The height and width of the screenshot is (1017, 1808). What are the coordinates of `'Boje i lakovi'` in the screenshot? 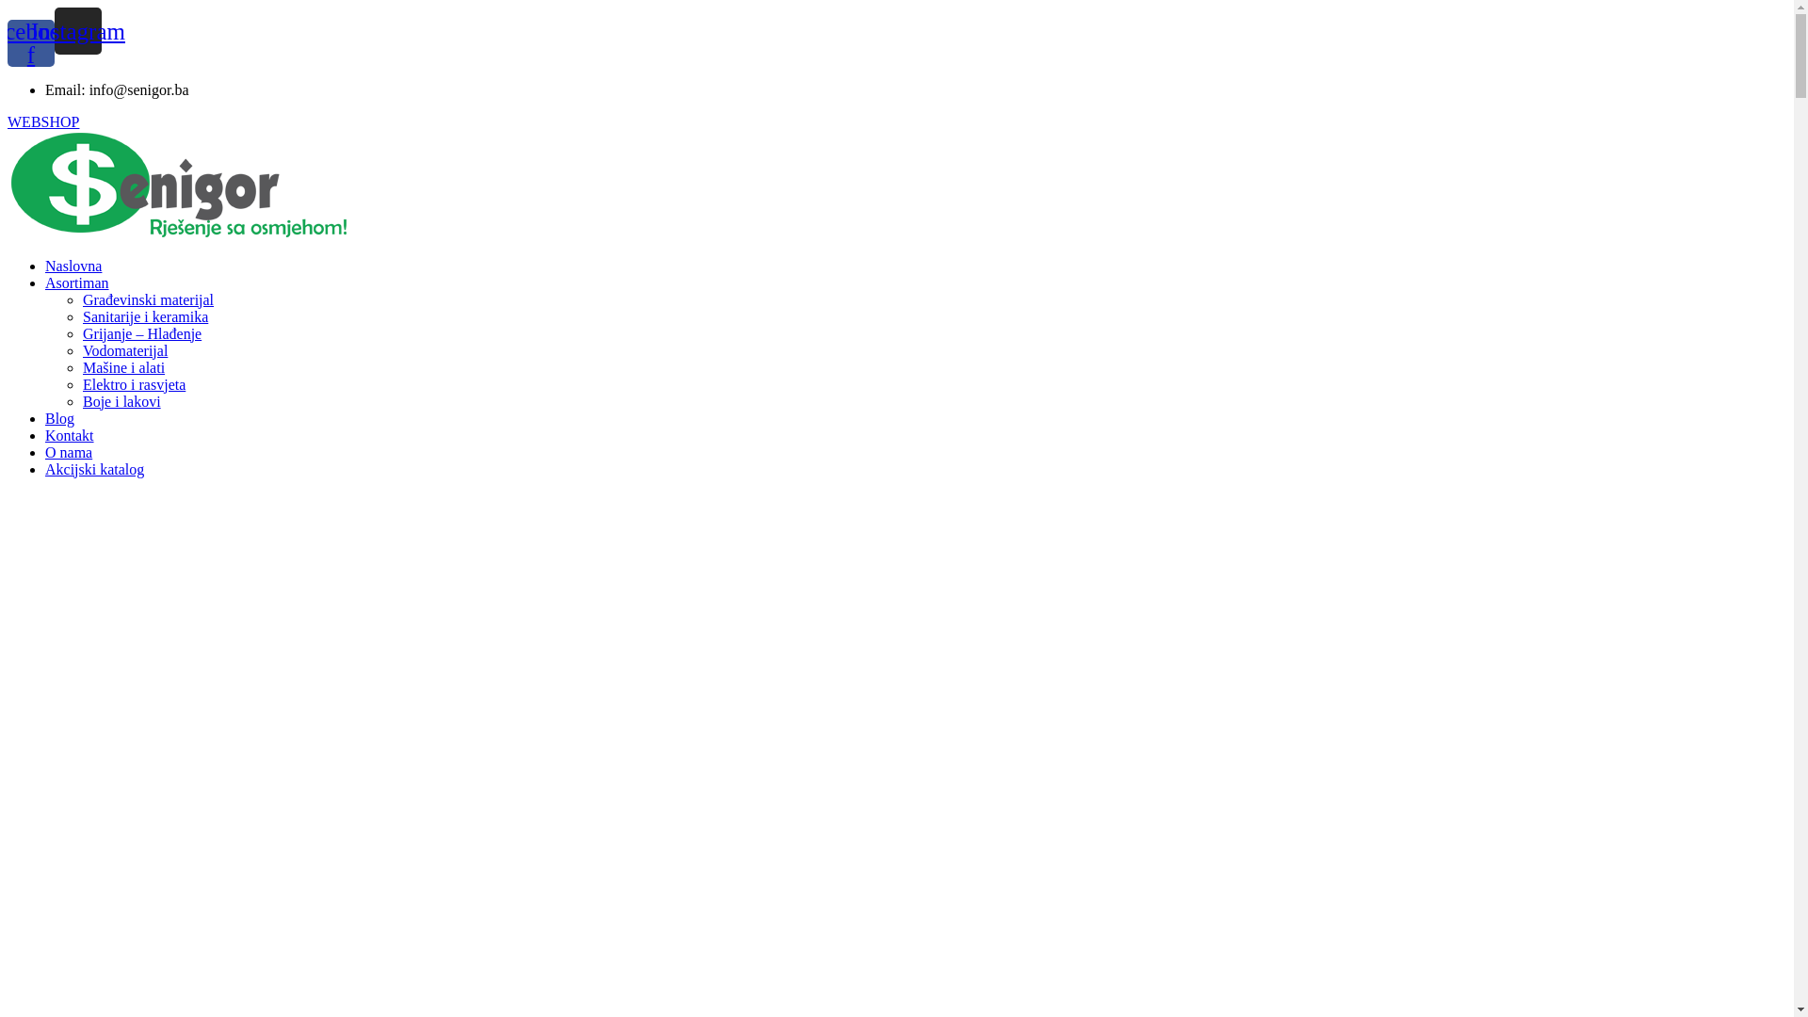 It's located at (121, 400).